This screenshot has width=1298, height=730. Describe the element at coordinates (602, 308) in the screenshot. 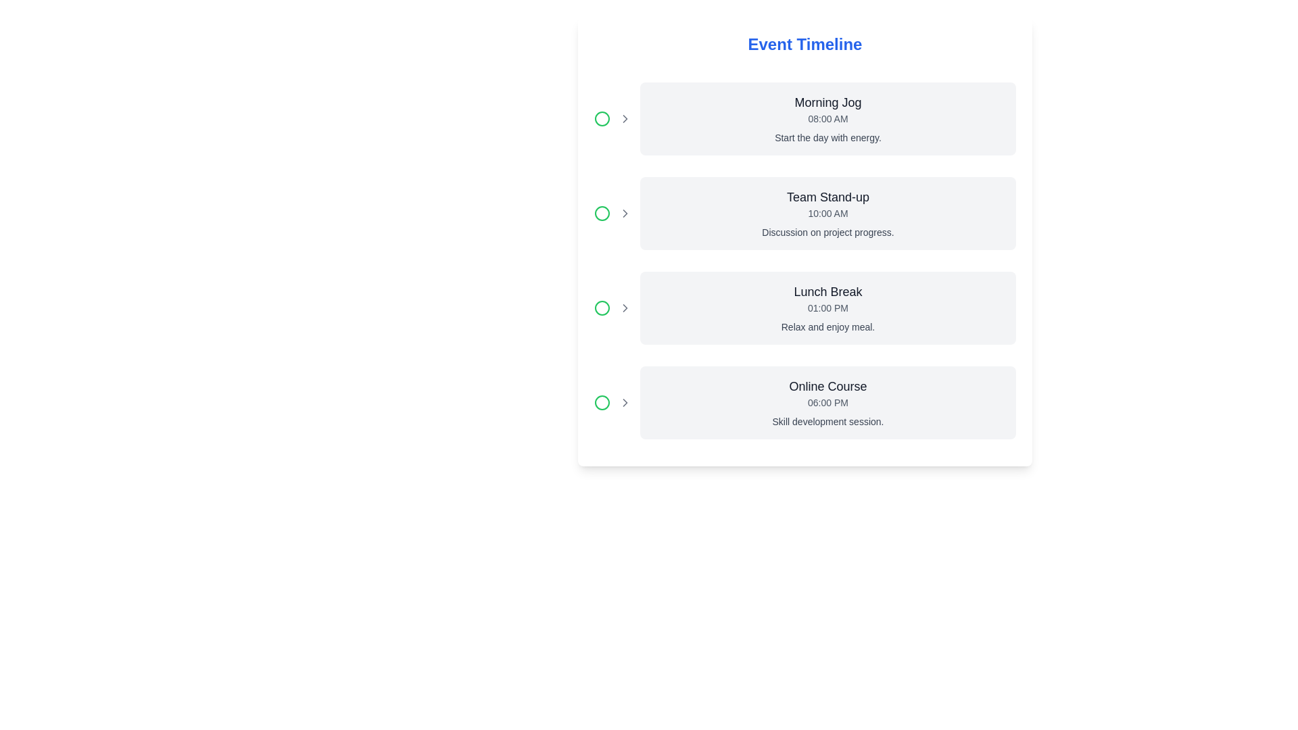

I see `the Circular Icon Indicator on the left side of the third row, which represents the status of the 'Lunch Break' event` at that location.